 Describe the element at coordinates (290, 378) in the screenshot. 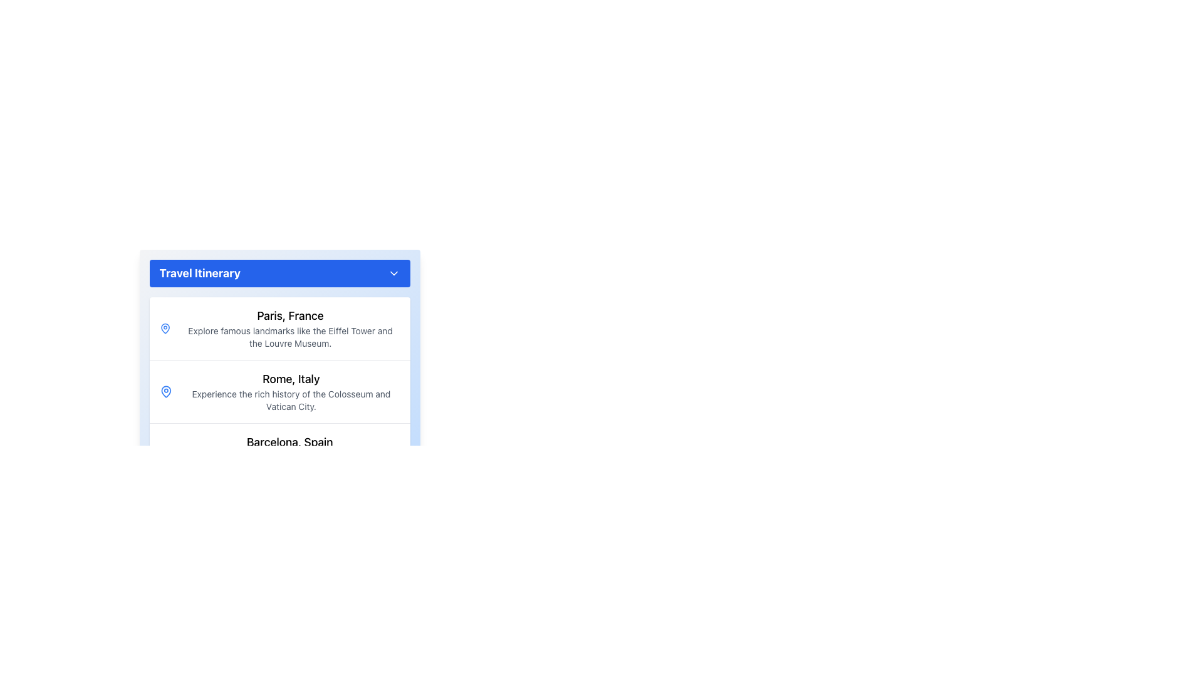

I see `bold, black text label that reads 'Rome, Italy' located above 'Barcelona, Spain' in the travel itinerary list` at that location.